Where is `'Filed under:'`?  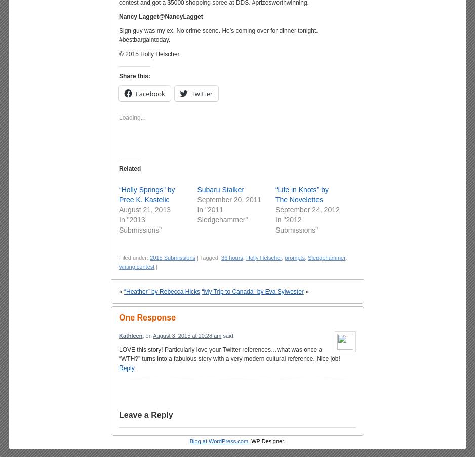
'Filed under:' is located at coordinates (134, 258).